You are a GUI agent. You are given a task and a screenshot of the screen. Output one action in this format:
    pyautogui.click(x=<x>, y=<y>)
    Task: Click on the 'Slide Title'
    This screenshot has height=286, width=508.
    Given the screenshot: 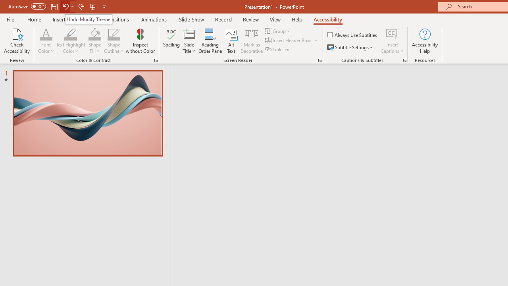 What is the action you would take?
    pyautogui.click(x=189, y=41)
    